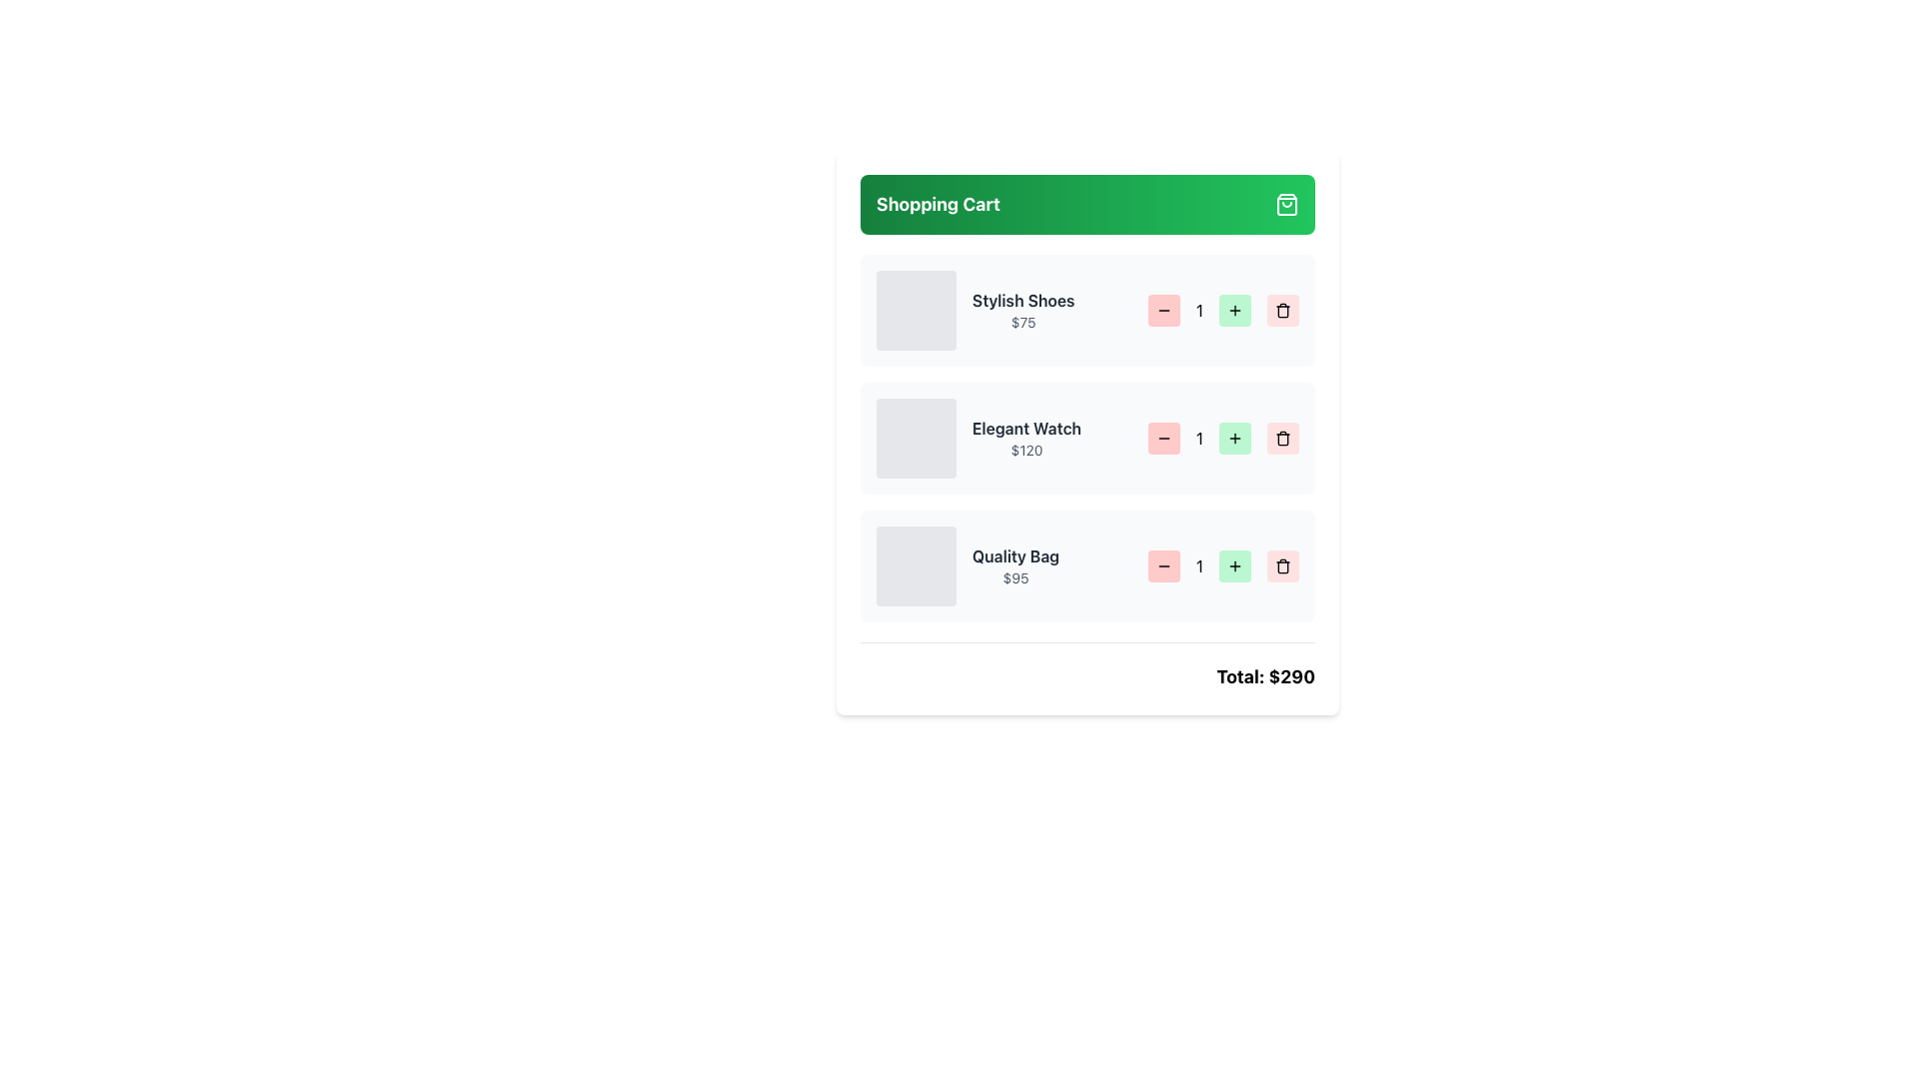 The image size is (1919, 1079). I want to click on the image frame placeholder for the 'Elegant Watch' in the shopping cart interface, so click(915, 438).